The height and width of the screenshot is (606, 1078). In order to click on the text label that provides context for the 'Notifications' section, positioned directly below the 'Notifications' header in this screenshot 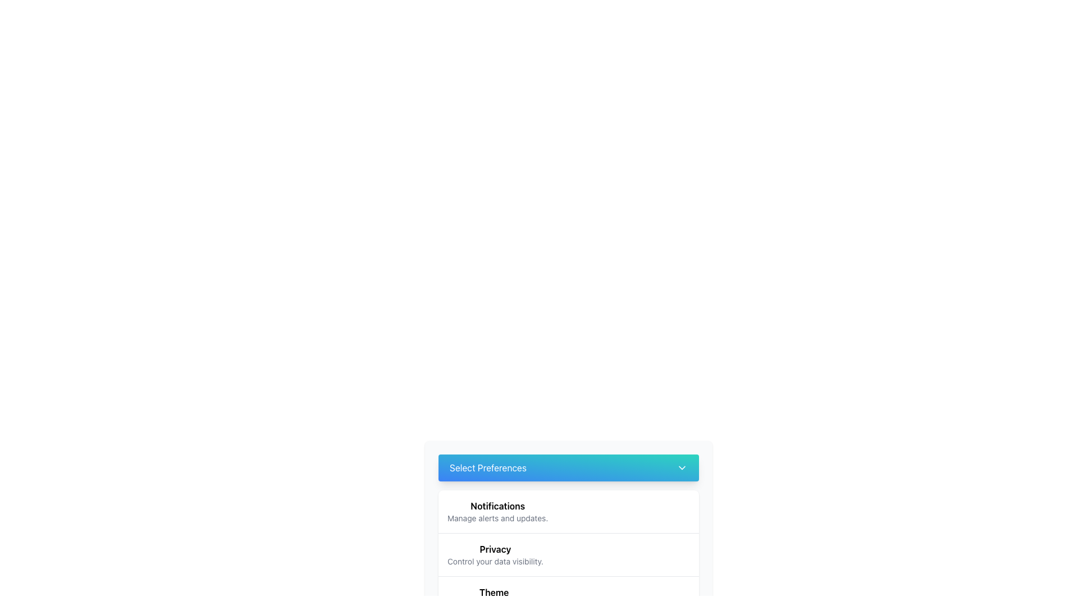, I will do `click(497, 518)`.